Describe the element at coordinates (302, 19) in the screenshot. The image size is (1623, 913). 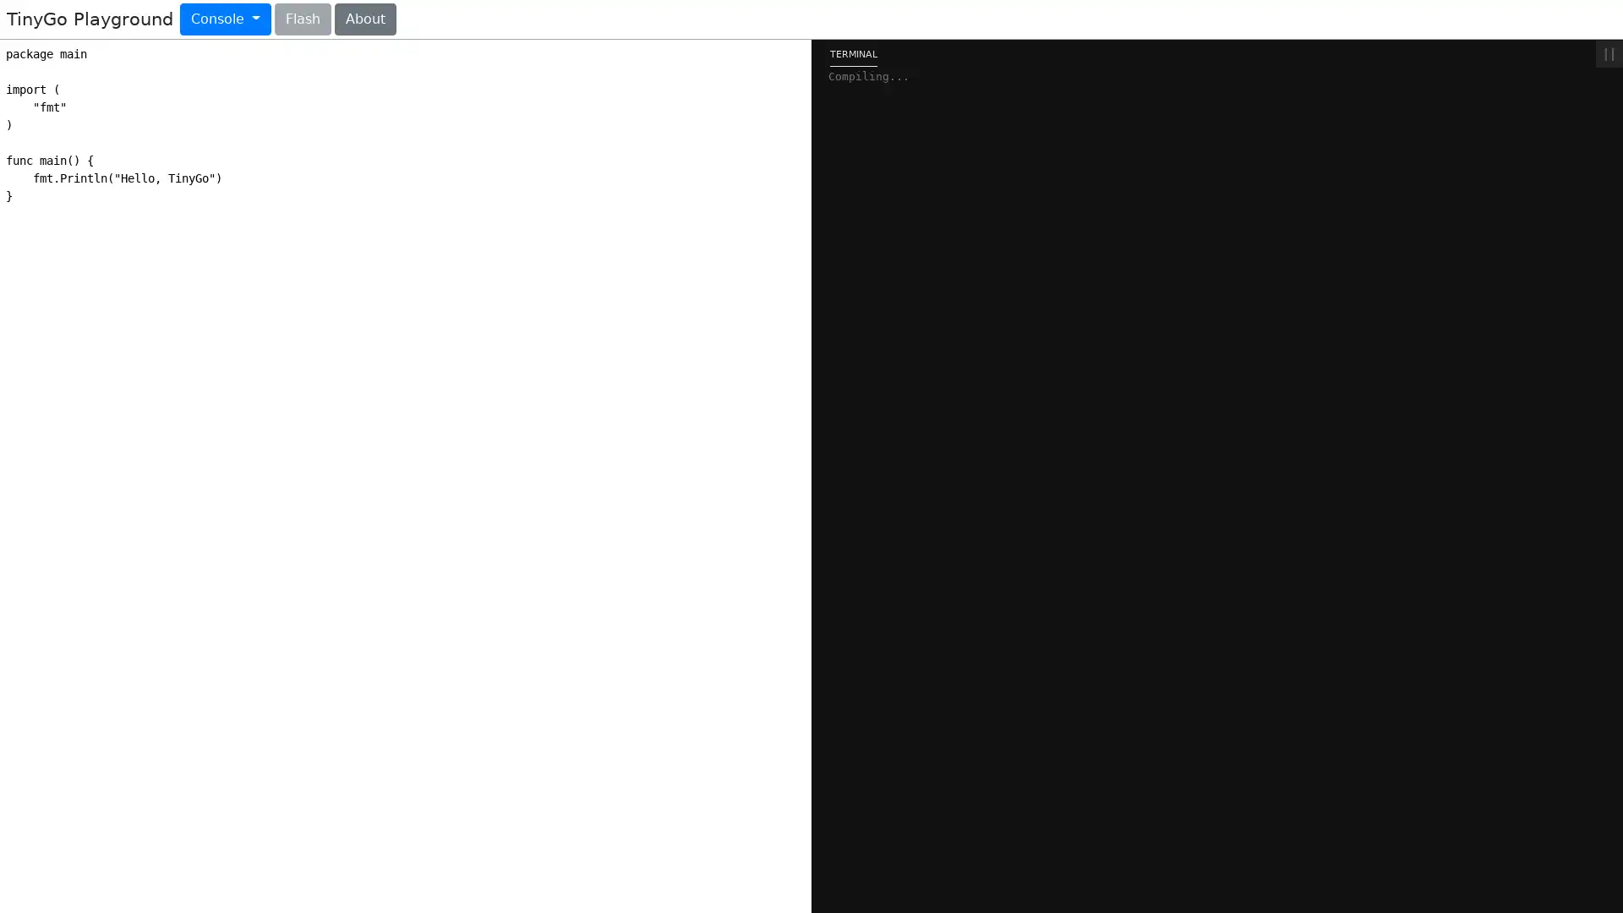
I see `Flash` at that location.